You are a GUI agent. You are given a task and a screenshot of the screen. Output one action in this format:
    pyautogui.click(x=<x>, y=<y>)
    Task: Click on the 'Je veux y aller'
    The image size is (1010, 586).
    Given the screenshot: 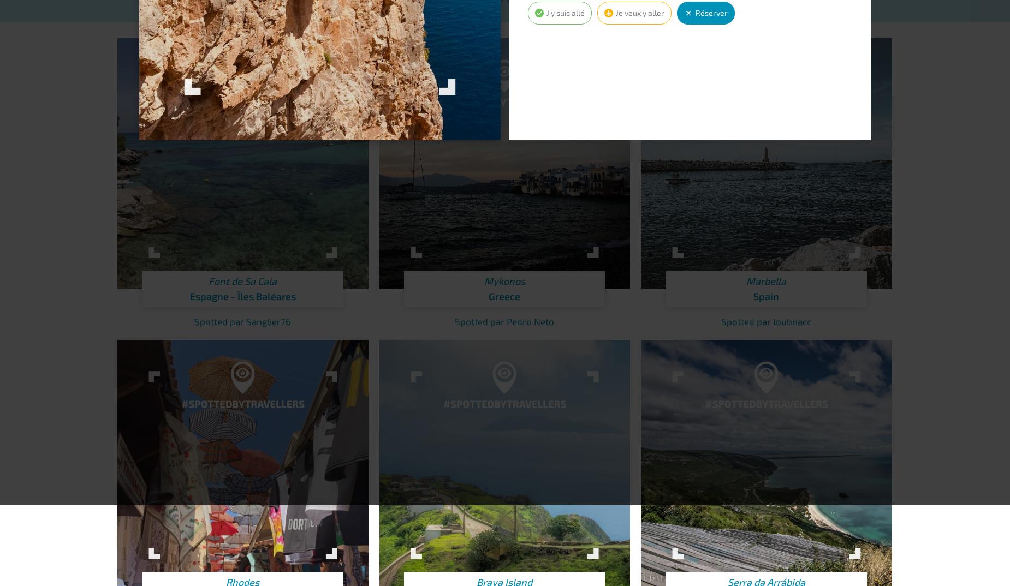 What is the action you would take?
    pyautogui.click(x=615, y=12)
    